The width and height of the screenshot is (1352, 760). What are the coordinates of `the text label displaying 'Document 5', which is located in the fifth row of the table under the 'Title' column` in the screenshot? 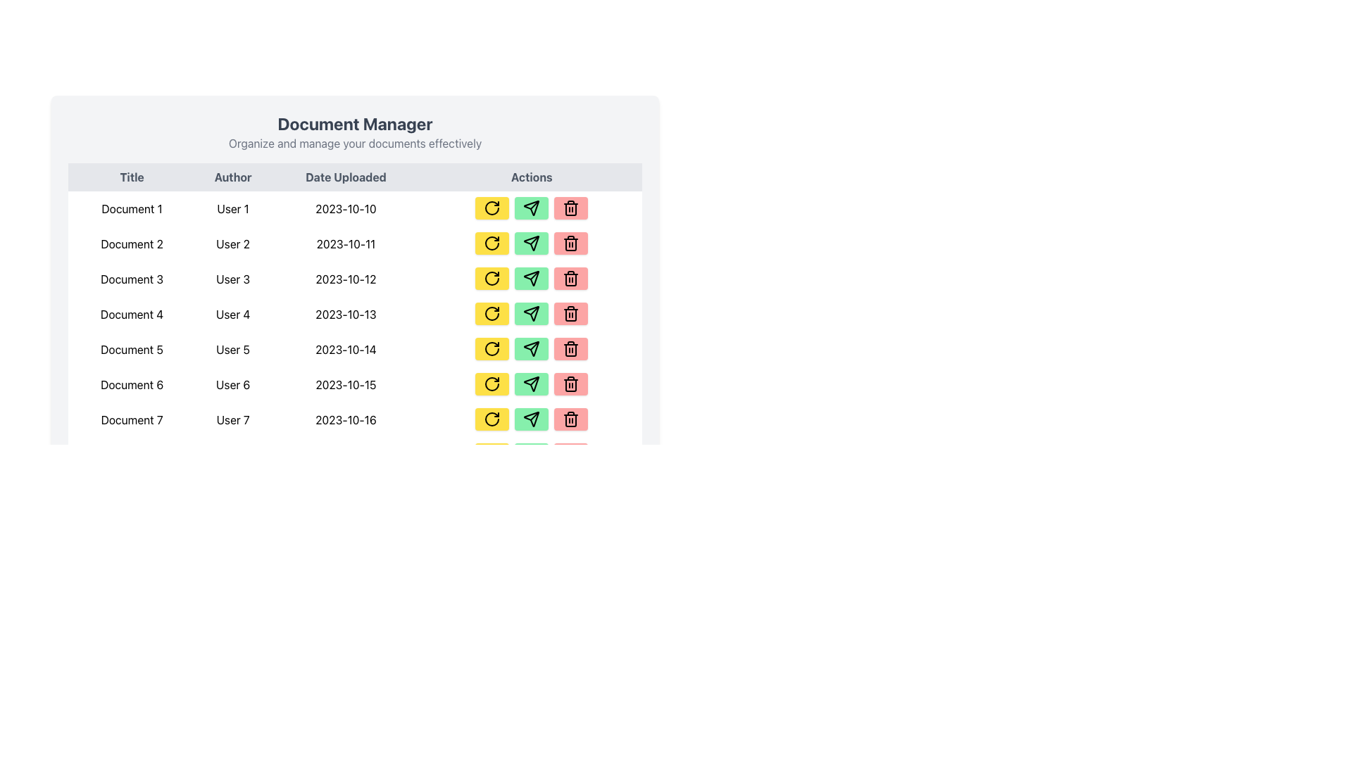 It's located at (132, 349).